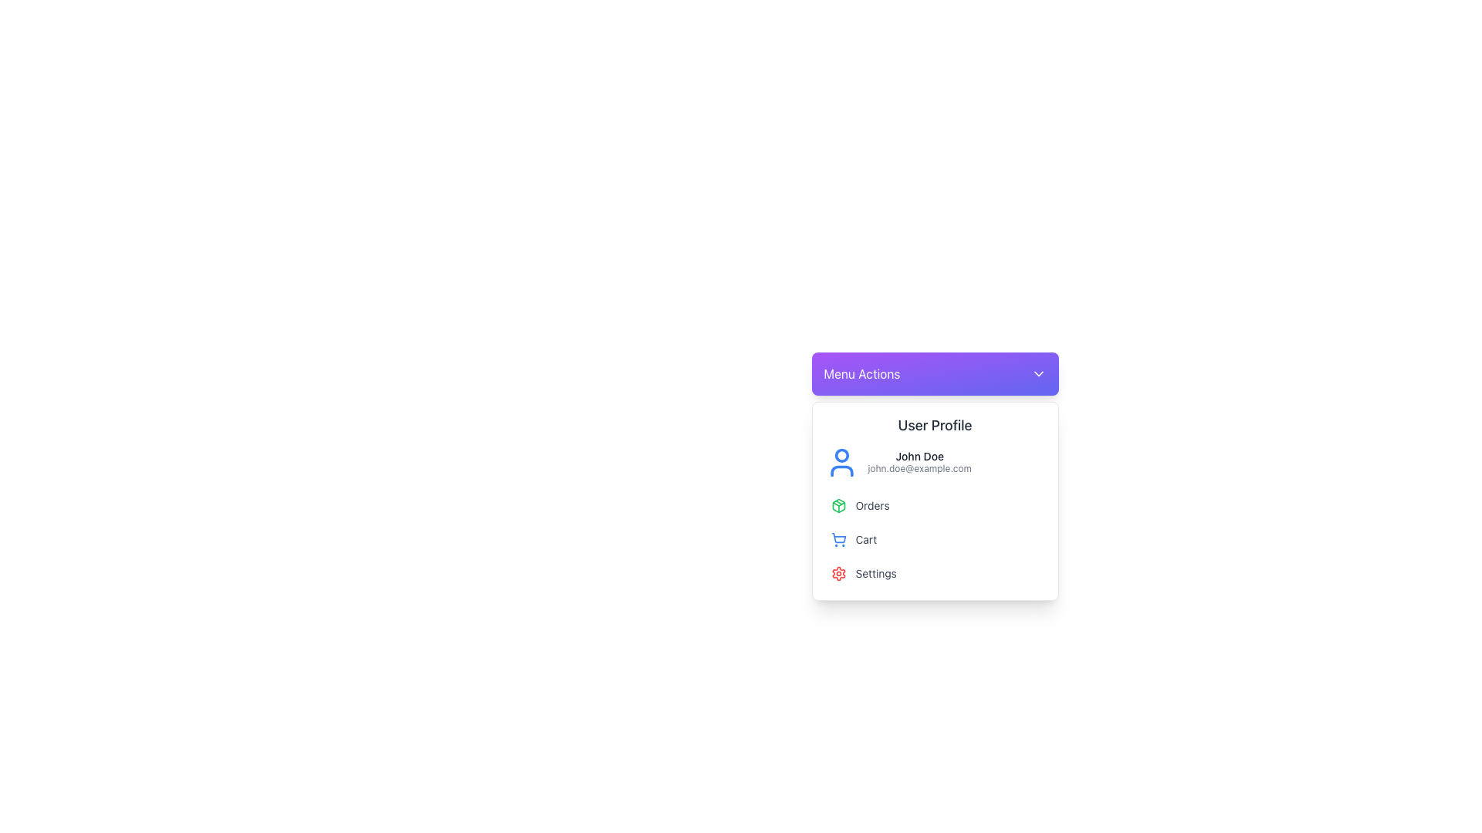 Image resolution: width=1482 pixels, height=833 pixels. I want to click on the green package icon located to the left of the 'Orders' text in the navigation menu, so click(837, 505).